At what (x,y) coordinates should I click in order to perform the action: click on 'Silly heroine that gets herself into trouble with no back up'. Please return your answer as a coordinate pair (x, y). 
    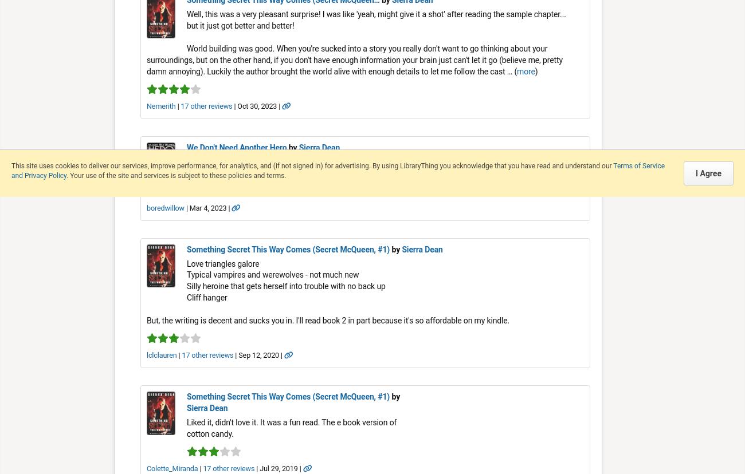
    Looking at the image, I should click on (285, 286).